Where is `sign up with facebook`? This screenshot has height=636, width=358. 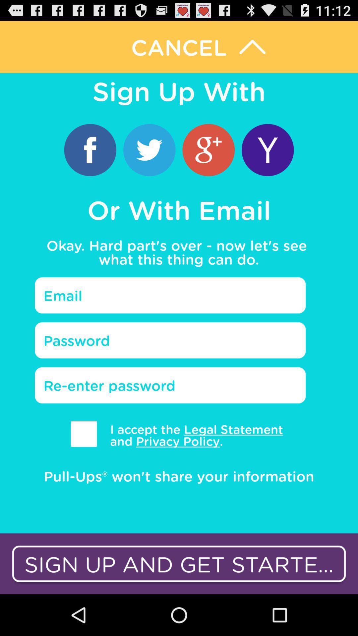 sign up with facebook is located at coordinates (90, 149).